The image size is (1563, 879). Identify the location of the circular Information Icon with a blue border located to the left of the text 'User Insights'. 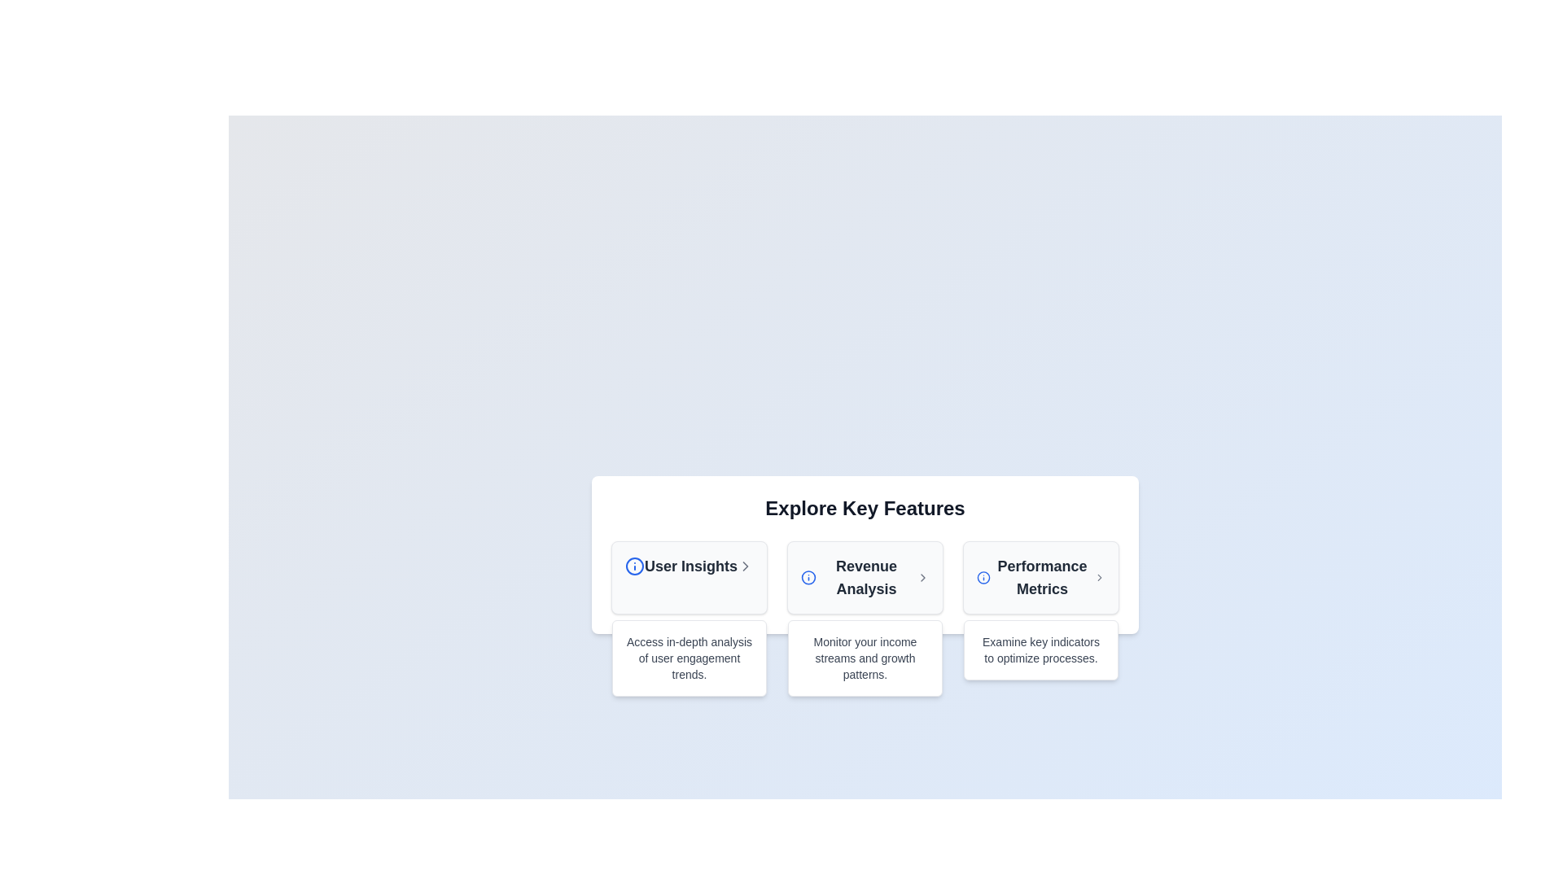
(633, 565).